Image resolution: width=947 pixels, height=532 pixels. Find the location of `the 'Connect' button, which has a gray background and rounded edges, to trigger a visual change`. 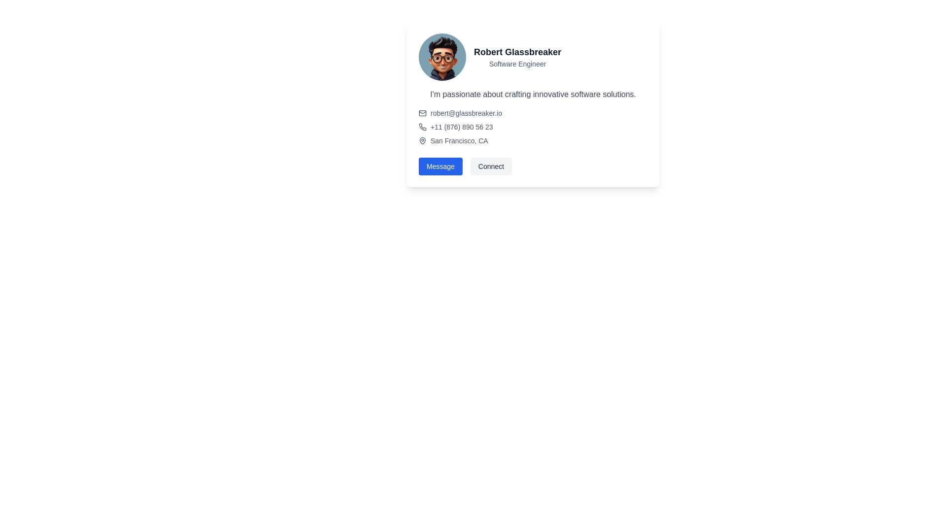

the 'Connect' button, which has a gray background and rounded edges, to trigger a visual change is located at coordinates (491, 166).